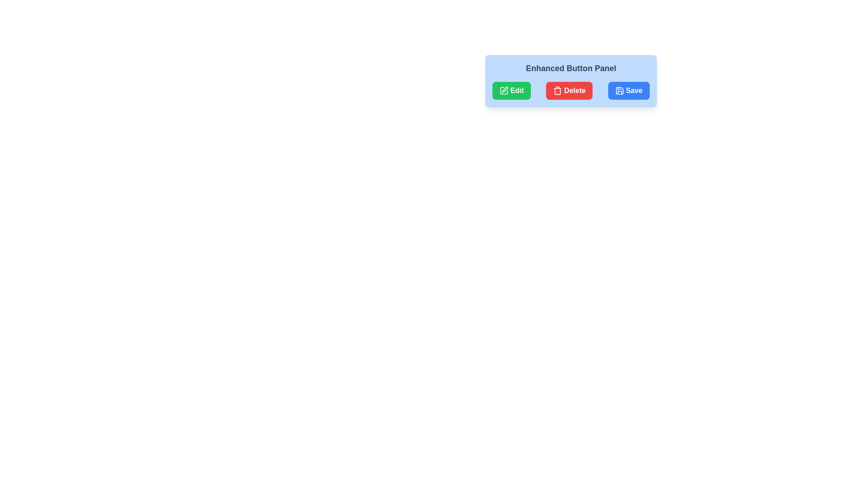 The height and width of the screenshot is (483, 858). What do you see at coordinates (569, 91) in the screenshot?
I see `the red 'Delete' button with bold white text and a trash can icon` at bounding box center [569, 91].